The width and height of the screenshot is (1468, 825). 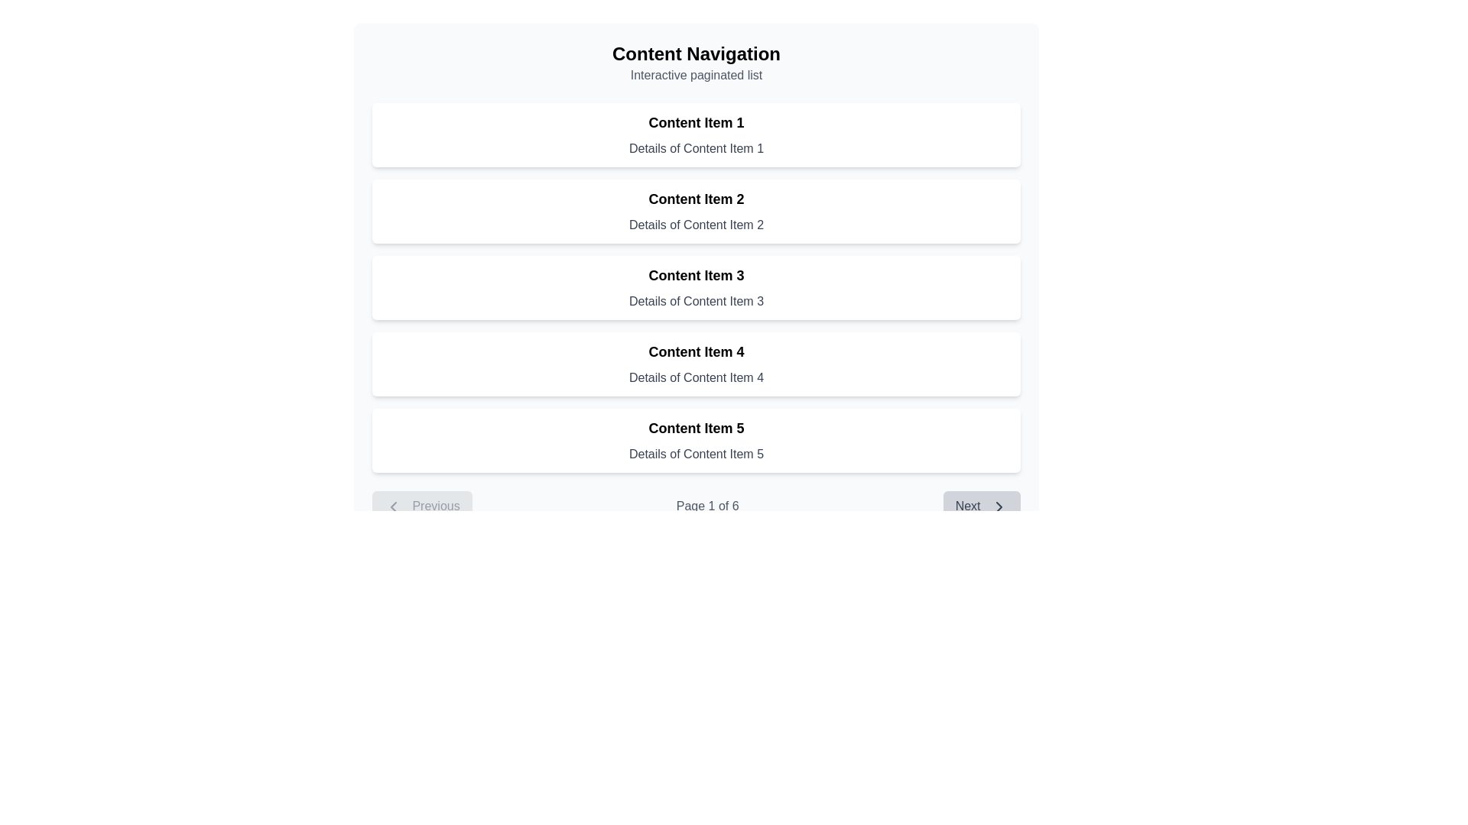 What do you see at coordinates (696, 122) in the screenshot?
I see `the text block displaying 'Content Item 1'` at bounding box center [696, 122].